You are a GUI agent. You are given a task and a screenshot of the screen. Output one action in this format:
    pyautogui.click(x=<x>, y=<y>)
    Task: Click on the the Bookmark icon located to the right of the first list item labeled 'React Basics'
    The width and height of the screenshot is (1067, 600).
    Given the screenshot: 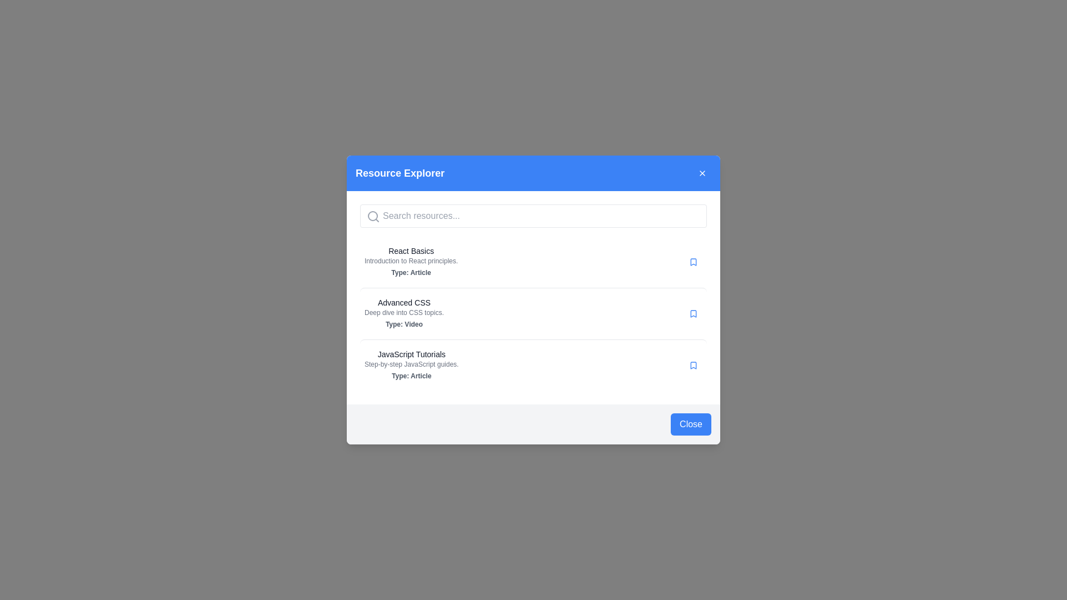 What is the action you would take?
    pyautogui.click(x=693, y=262)
    